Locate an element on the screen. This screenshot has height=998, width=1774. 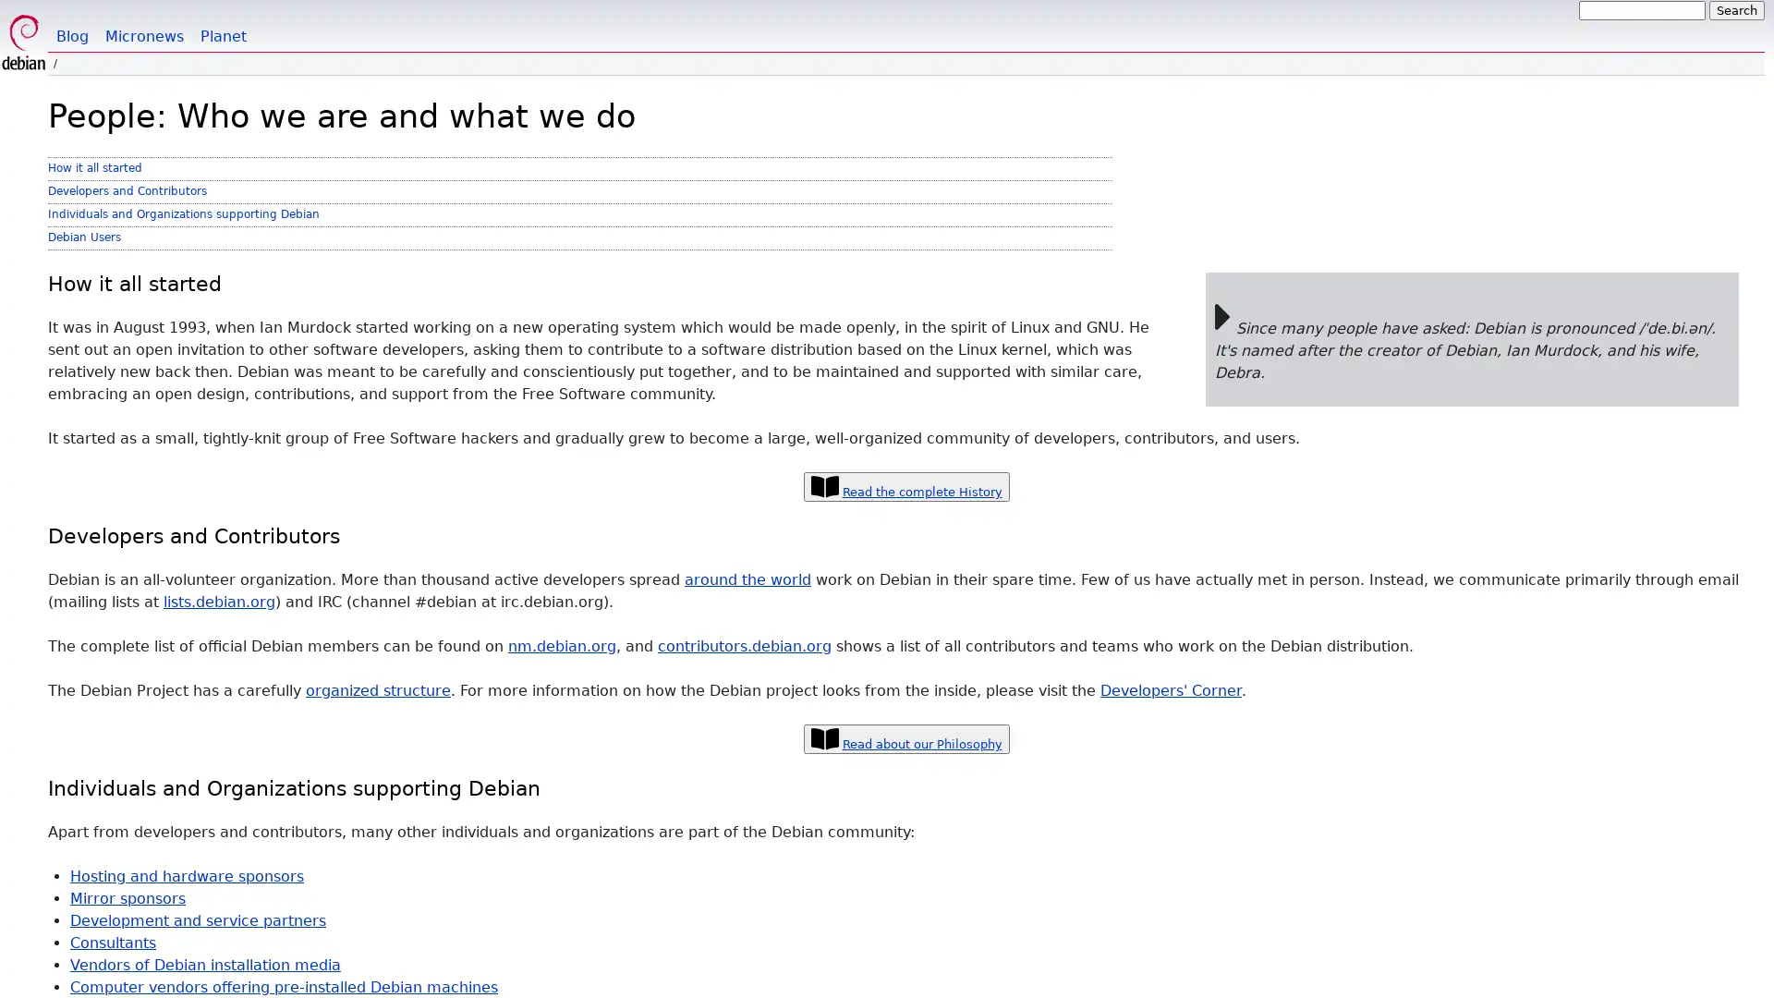
Read about our Philosophy is located at coordinates (905, 737).